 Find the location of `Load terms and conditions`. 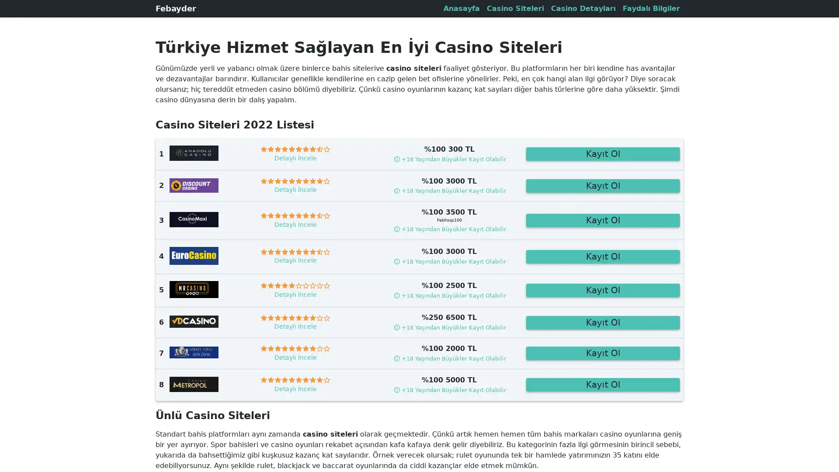

Load terms and conditions is located at coordinates (449, 159).